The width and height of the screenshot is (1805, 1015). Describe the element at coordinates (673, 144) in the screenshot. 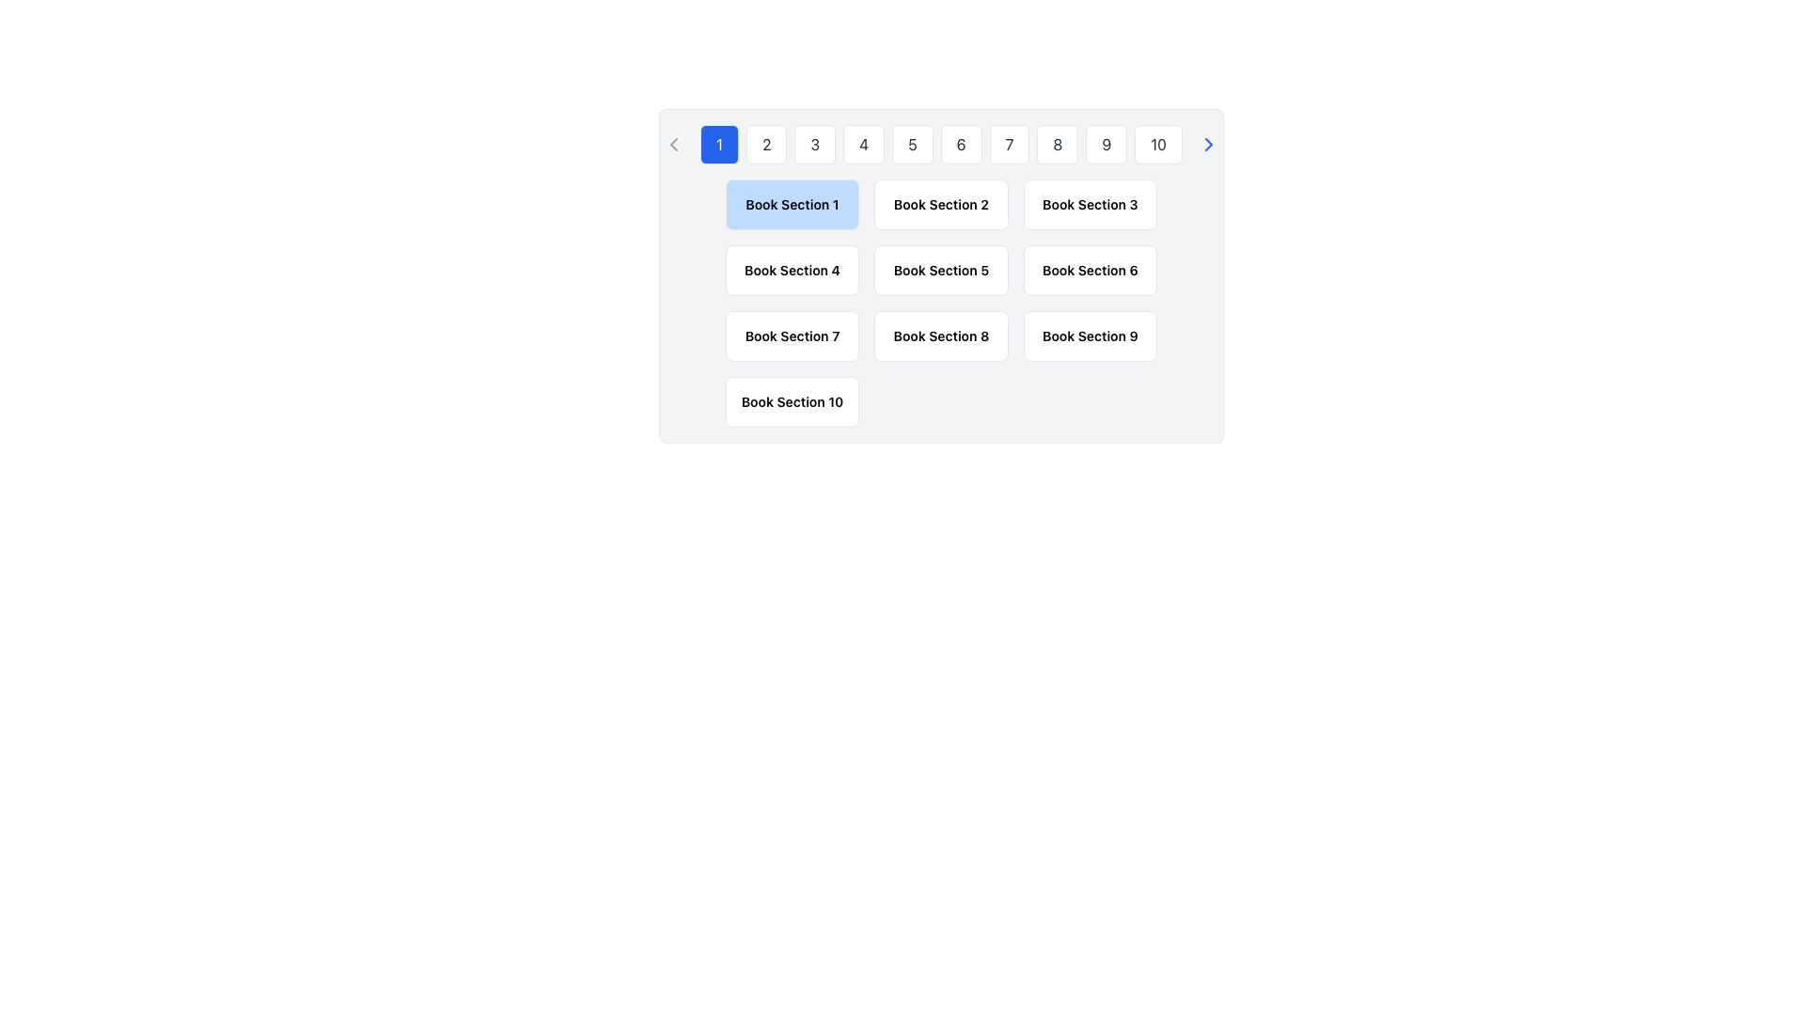

I see `the leftmost icon button in the top navigation bar of the pagination interface` at that location.